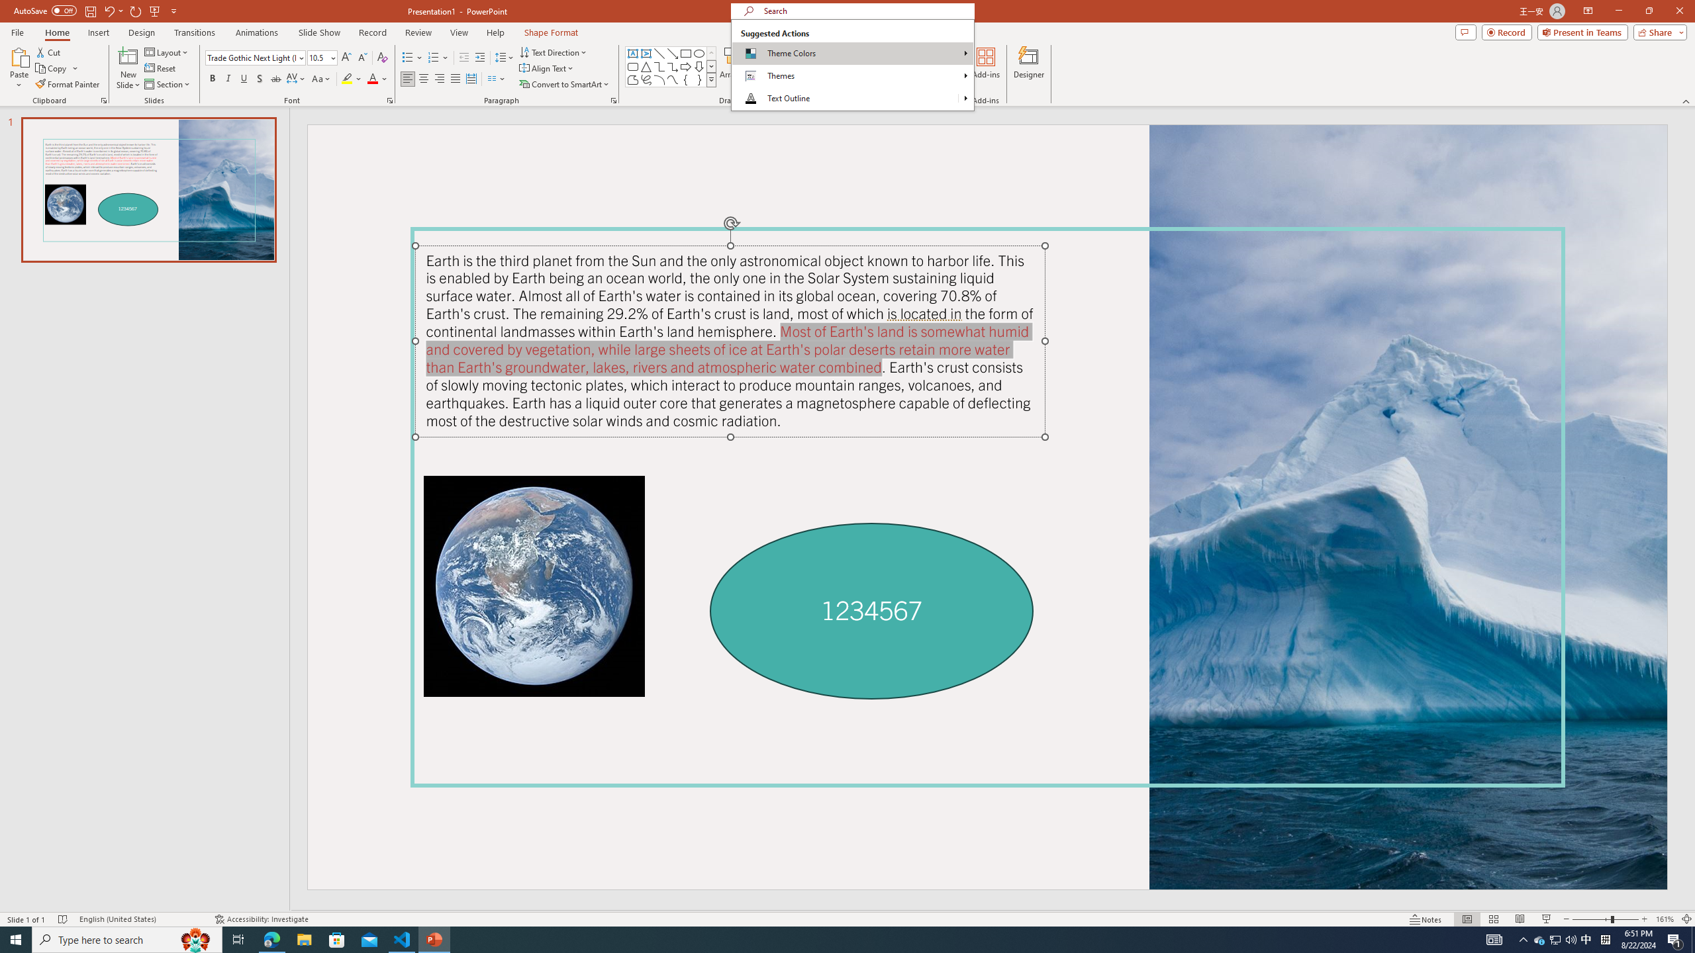 This screenshot has width=1695, height=953. I want to click on 'Shape Fill Aqua, Accent 2', so click(787, 51).